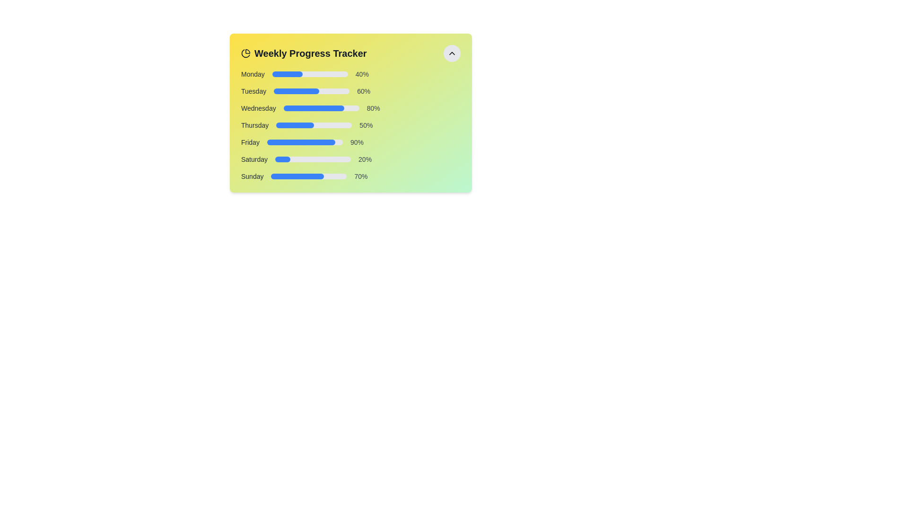  Describe the element at coordinates (350, 74) in the screenshot. I see `progress percentage from the first progress bar component in the vertical list within the 'Weekly Progress Tracker' card, which shows a 40% completion for Monday` at that location.